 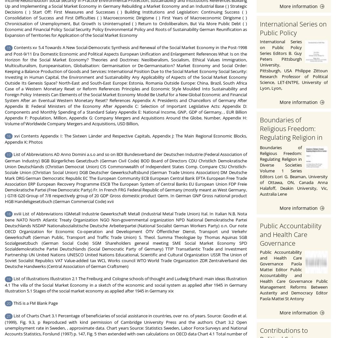 What do you see at coordinates (294, 170) in the screenshot?
I see `'Boundaries of Religious Freedom: Regulating Religion in Diverse Societies Volume 1 Series Editors Lori G. Beaman, University of Ottawa, ON, Canada Anna Halafoff, Deakin University, Vic, Australia Lene'` at bounding box center [294, 170].